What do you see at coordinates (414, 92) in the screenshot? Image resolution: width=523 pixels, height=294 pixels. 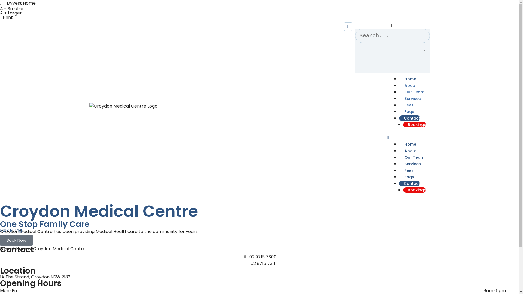 I see `'Our Team'` at bounding box center [414, 92].